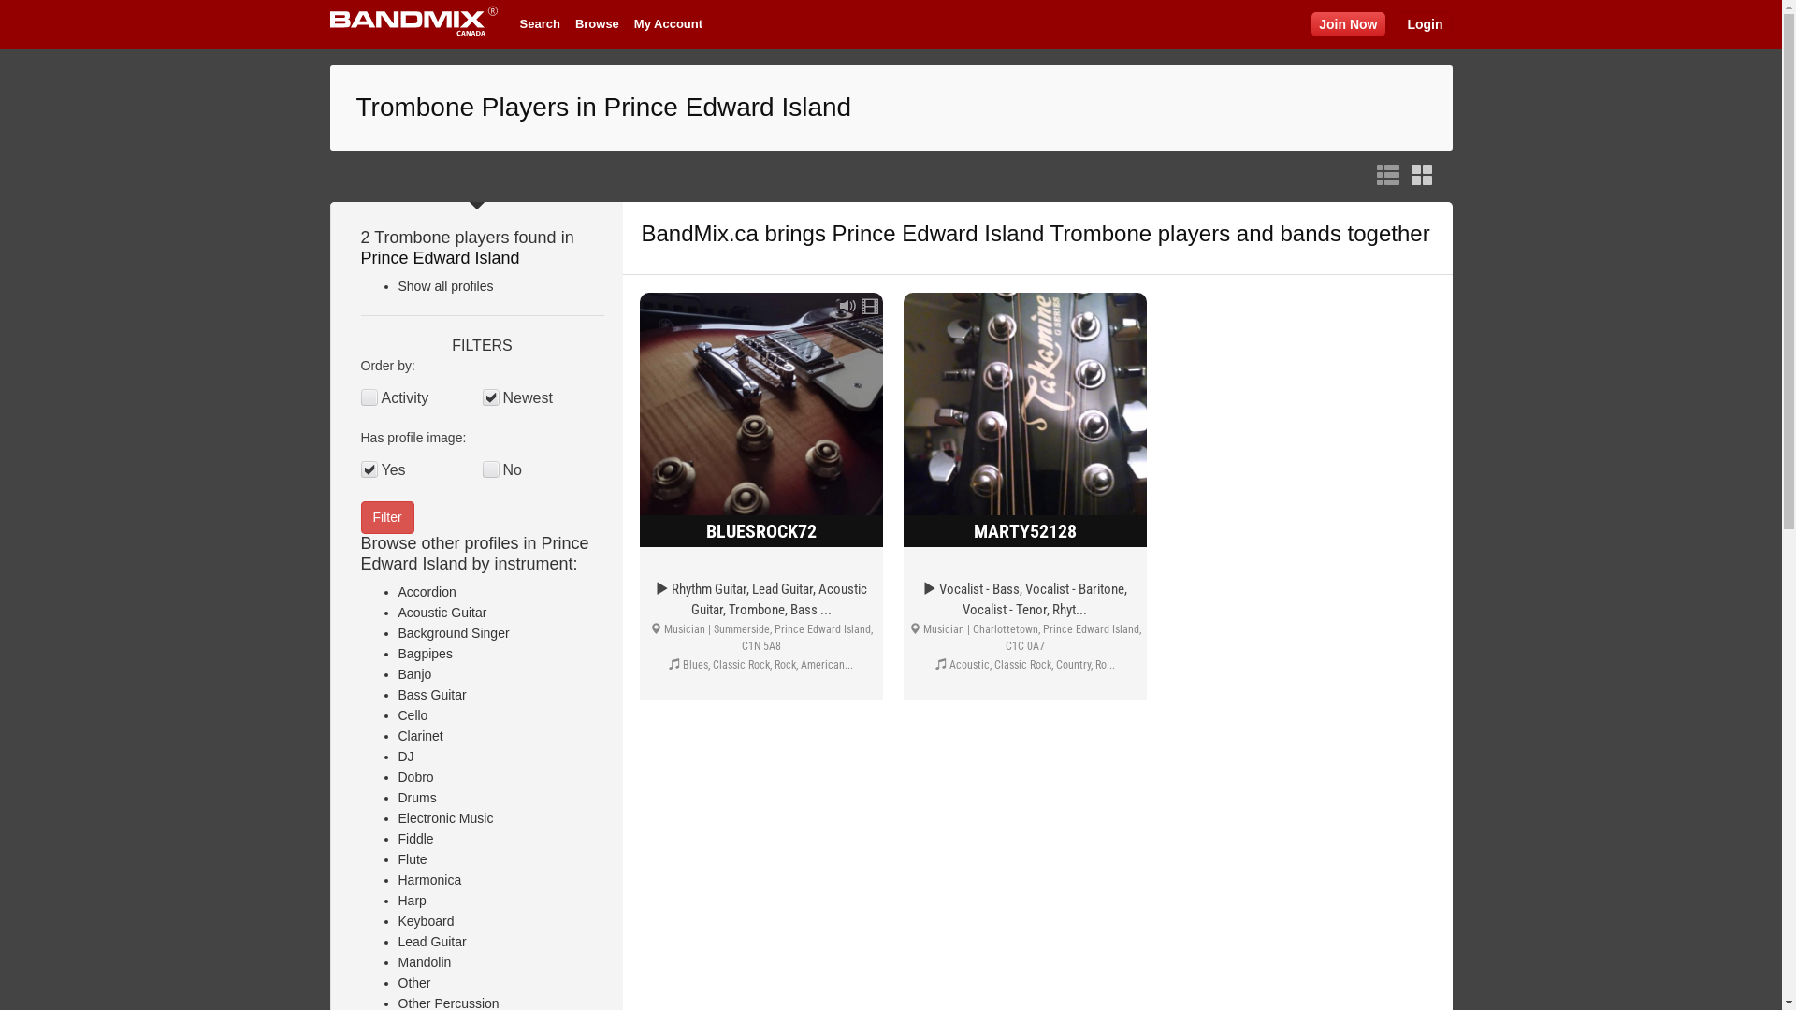 The height and width of the screenshot is (1010, 1796). Describe the element at coordinates (405, 756) in the screenshot. I see `'DJ'` at that location.